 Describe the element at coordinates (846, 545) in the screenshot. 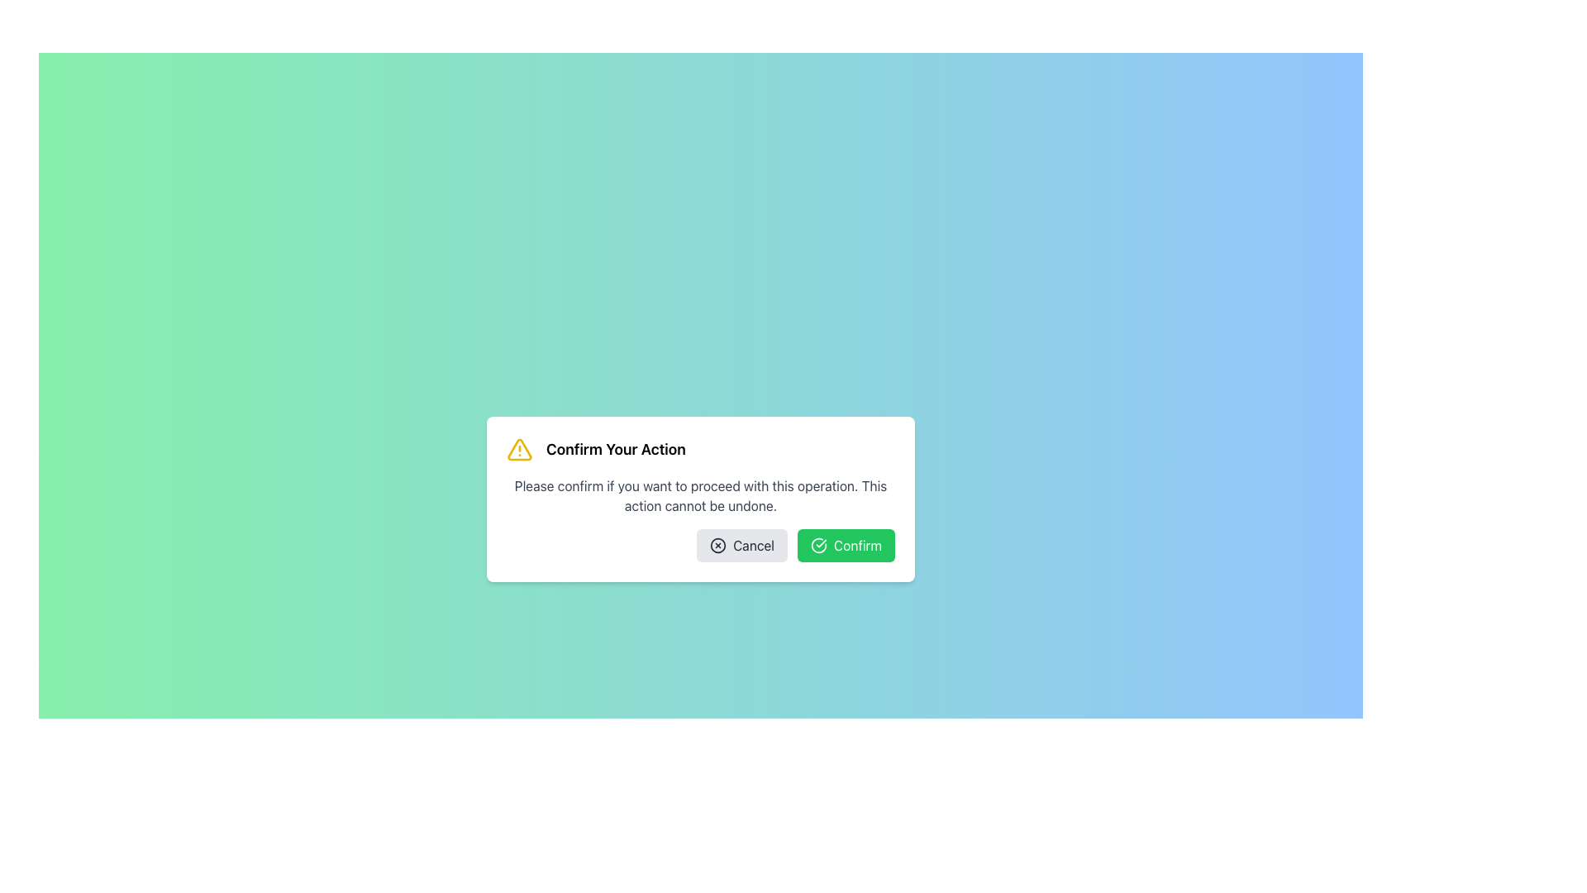

I see `the confirm button located at the bottom right corner of the modal dialog box to finalize the action` at that location.